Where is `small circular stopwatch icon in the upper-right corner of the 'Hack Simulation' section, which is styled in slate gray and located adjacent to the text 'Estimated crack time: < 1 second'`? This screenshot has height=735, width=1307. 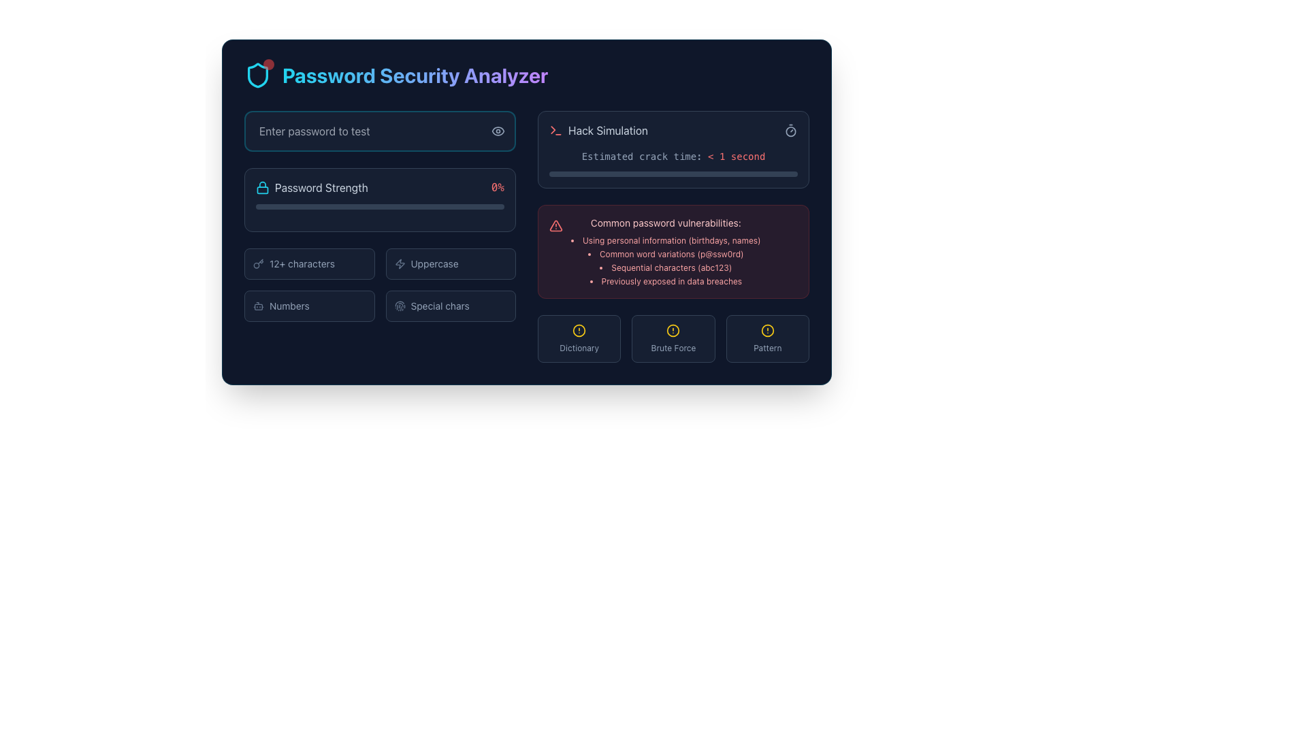
small circular stopwatch icon in the upper-right corner of the 'Hack Simulation' section, which is styled in slate gray and located adjacent to the text 'Estimated crack time: < 1 second' is located at coordinates (790, 131).